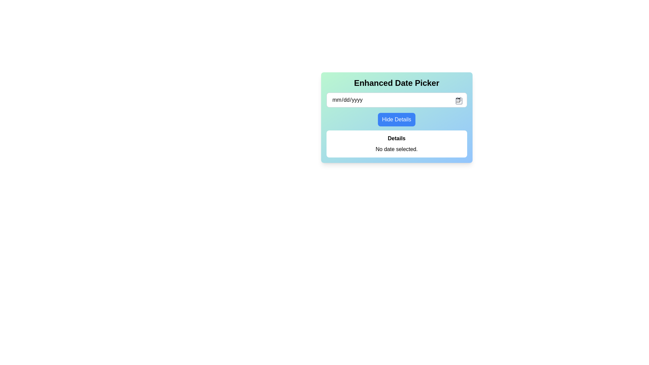 The width and height of the screenshot is (649, 365). Describe the element at coordinates (396, 119) in the screenshot. I see `the rectangular interactive button with a blue background and white text displaying 'Hide Details'` at that location.